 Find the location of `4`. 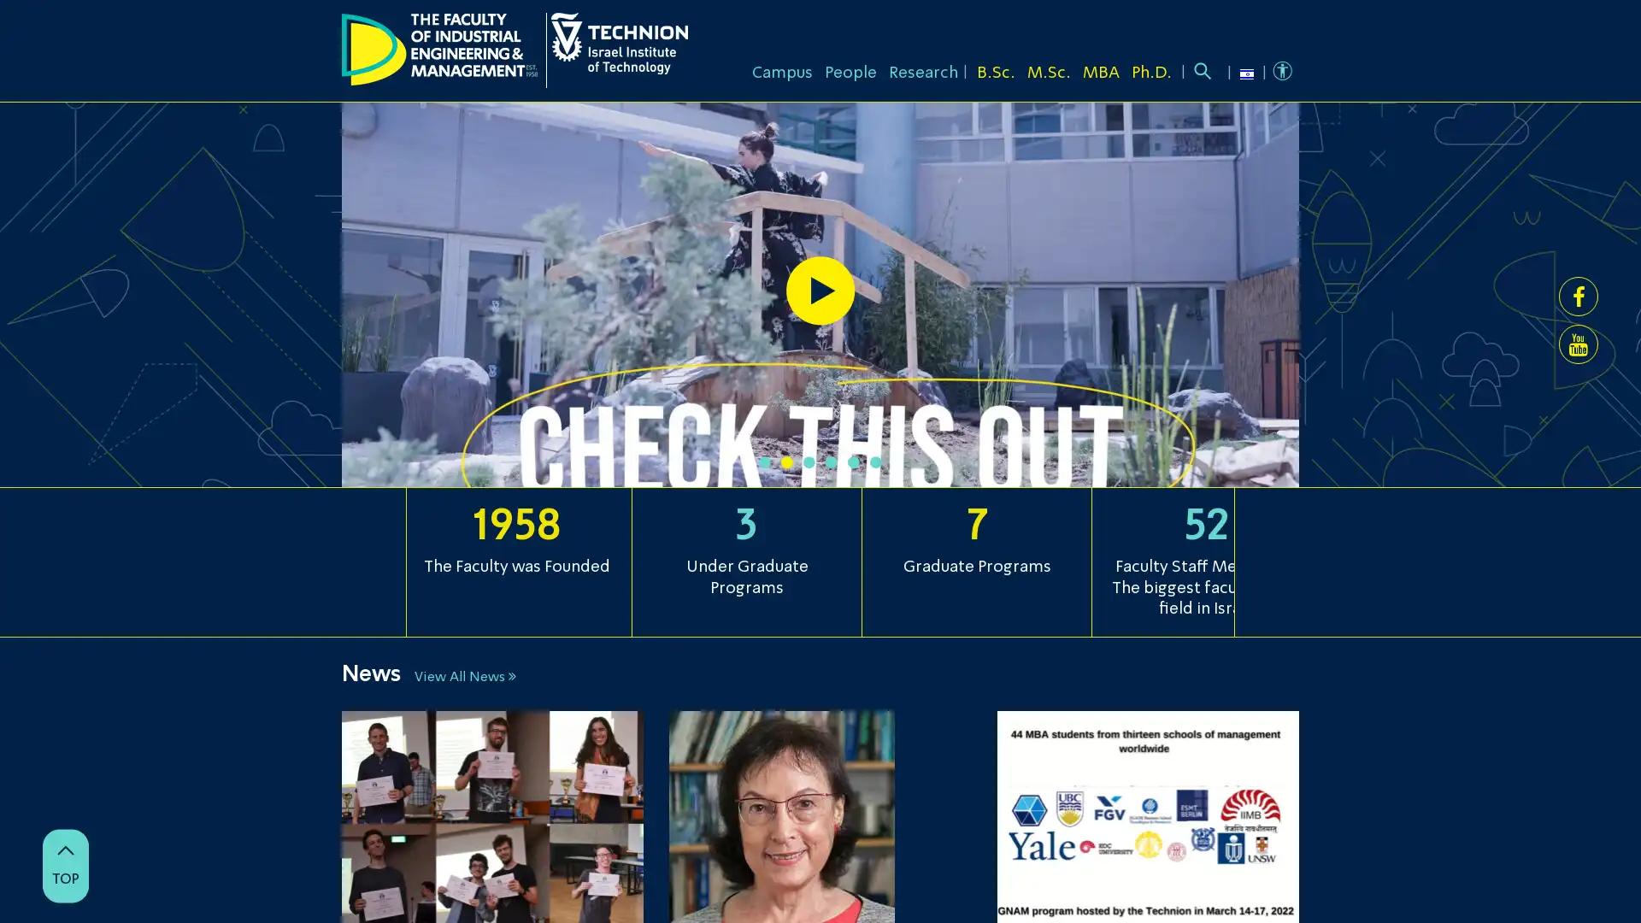

4 is located at coordinates (832, 461).